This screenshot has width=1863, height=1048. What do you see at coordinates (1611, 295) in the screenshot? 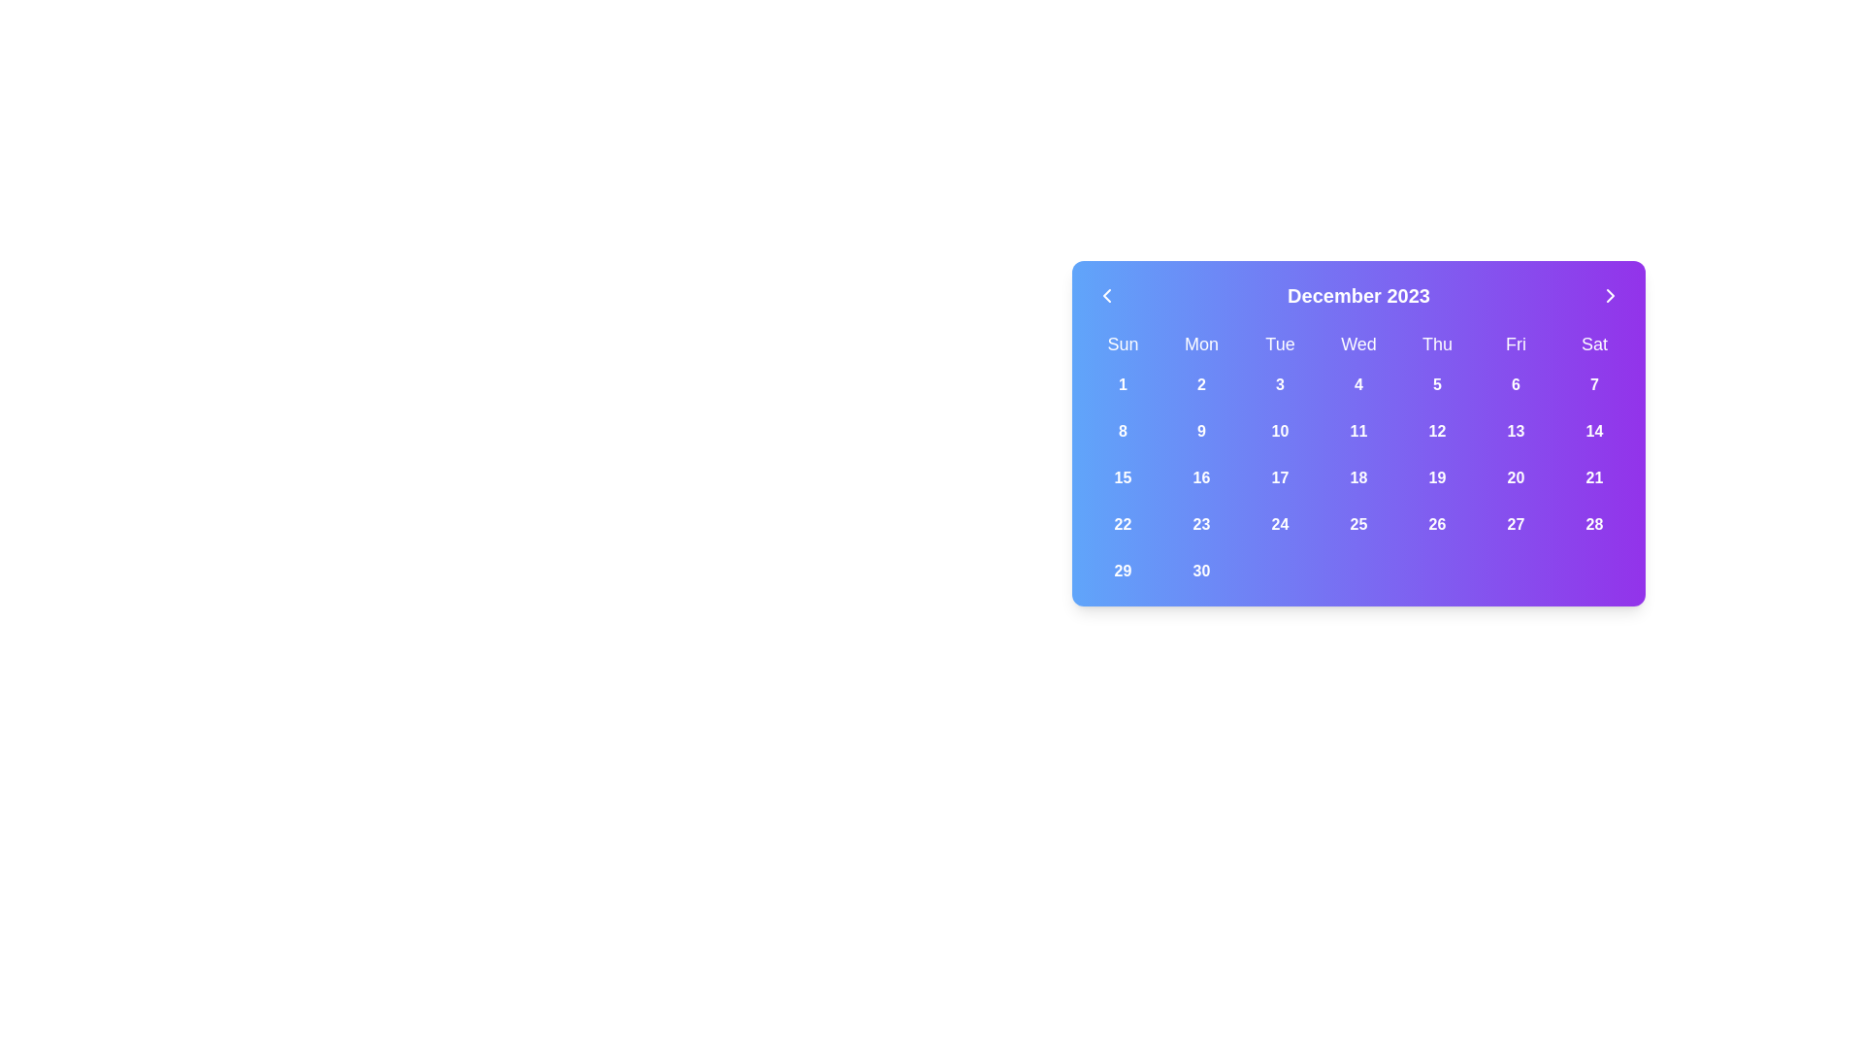
I see `the button on the rightmost side of the calendar header` at bounding box center [1611, 295].